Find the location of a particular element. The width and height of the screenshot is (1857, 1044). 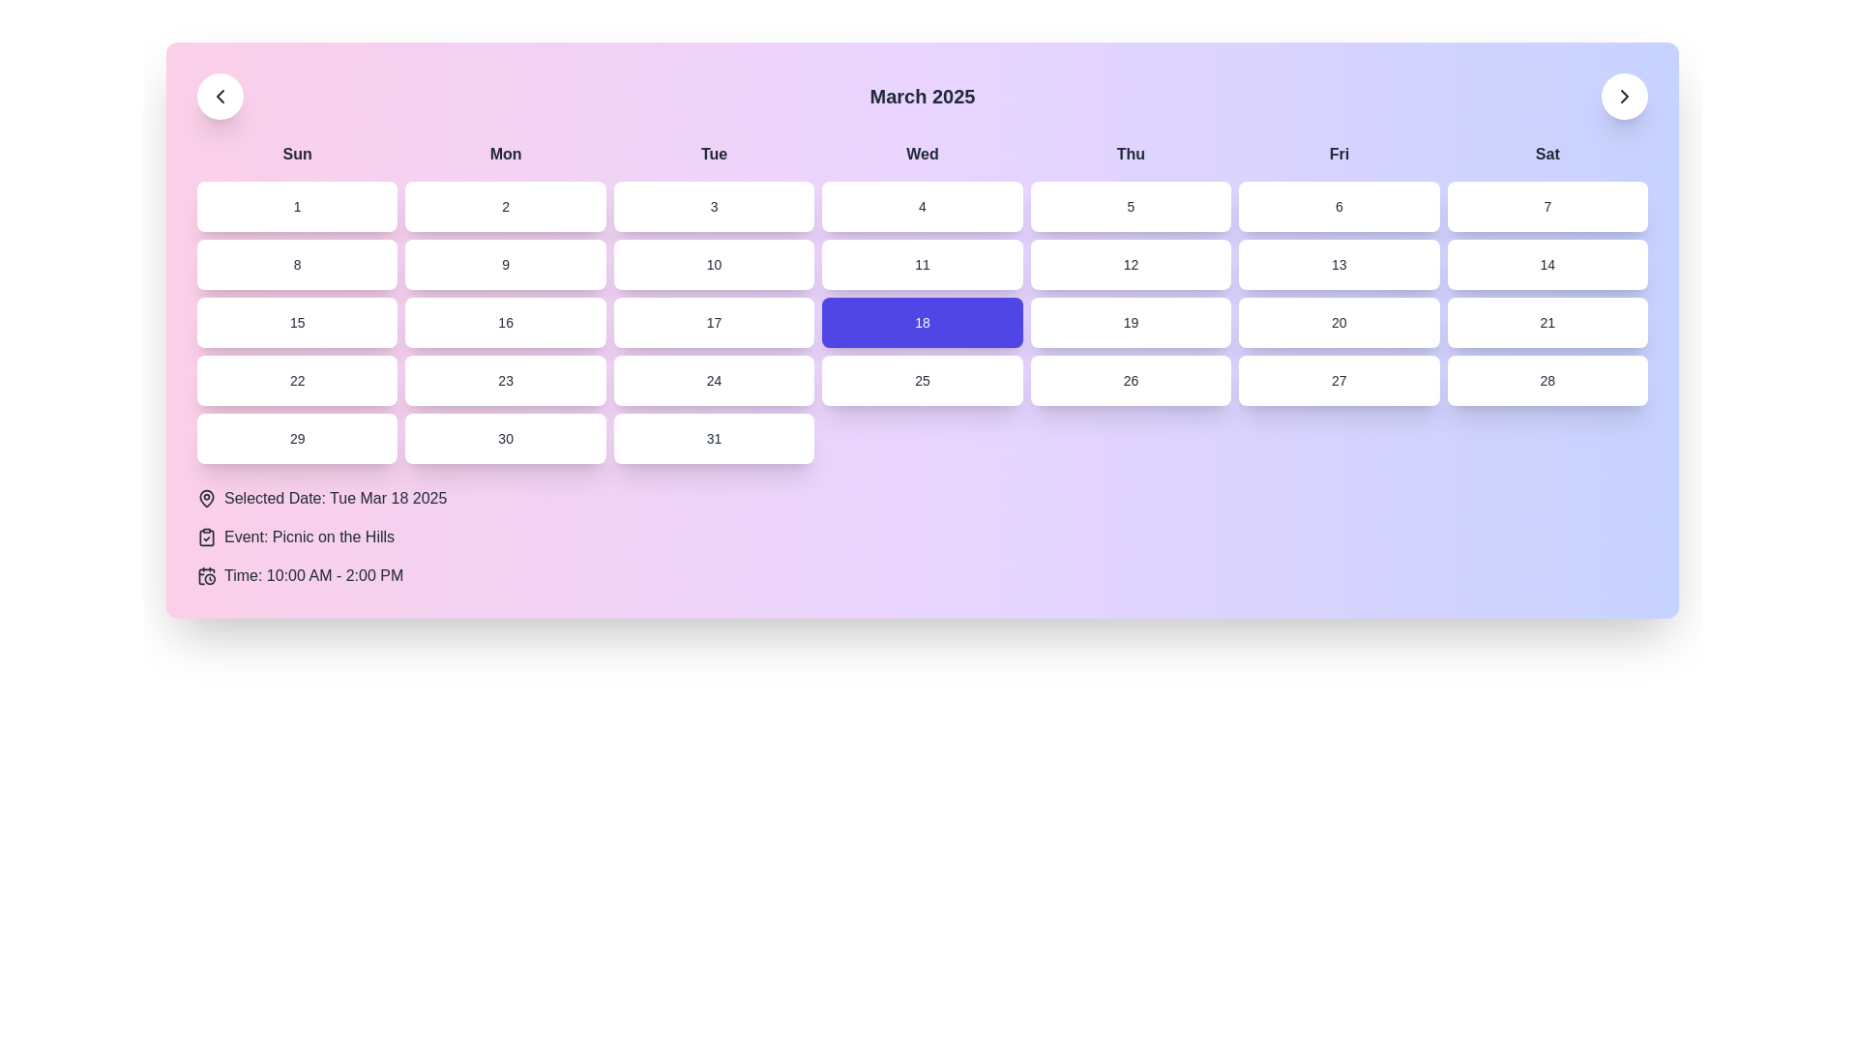

the button representing the date '12' in the calendar layout is located at coordinates (1131, 264).